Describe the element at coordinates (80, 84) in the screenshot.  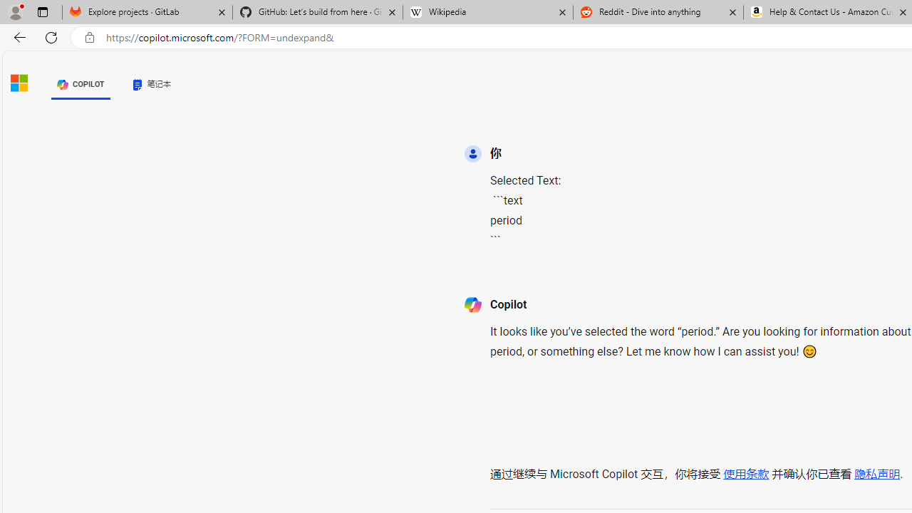
I see `'COPILOT'` at that location.